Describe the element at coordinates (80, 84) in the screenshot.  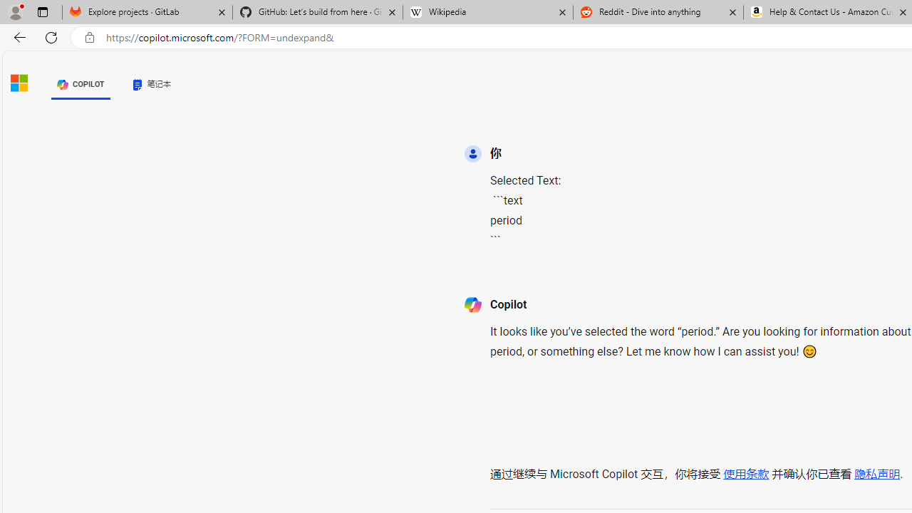
I see `'COPILOT'` at that location.